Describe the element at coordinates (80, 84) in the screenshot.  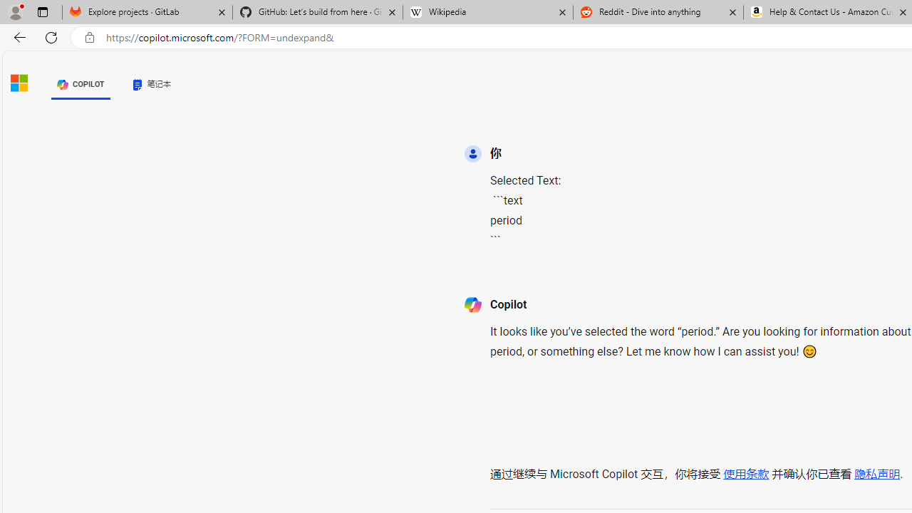
I see `'COPILOT'` at that location.